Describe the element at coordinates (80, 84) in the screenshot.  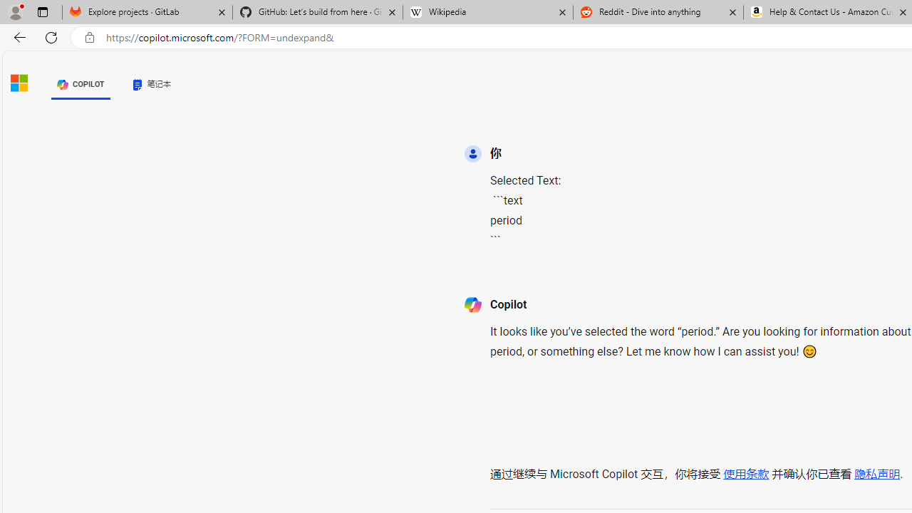
I see `'COPILOT'` at that location.